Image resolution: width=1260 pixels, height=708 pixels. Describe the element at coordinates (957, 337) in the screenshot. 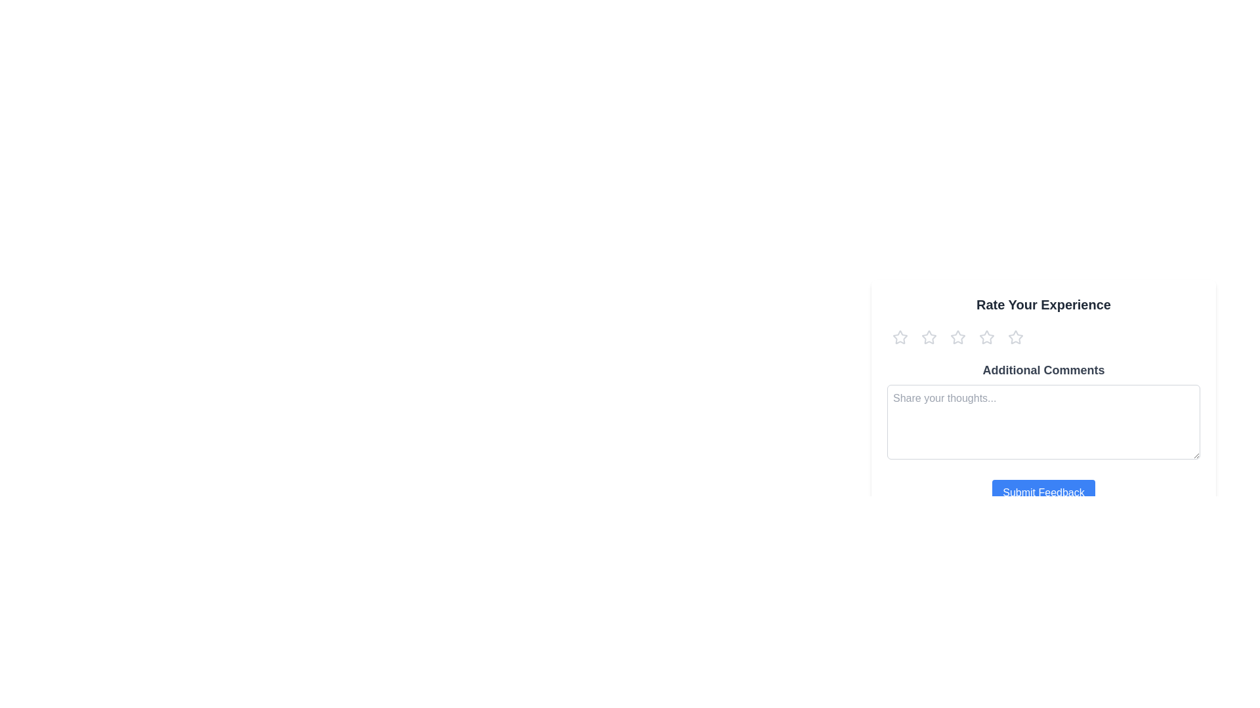

I see `the second star in the Interactive Star Rating Icon, which is located directly under the header 'Rate Your Experience.'` at that location.